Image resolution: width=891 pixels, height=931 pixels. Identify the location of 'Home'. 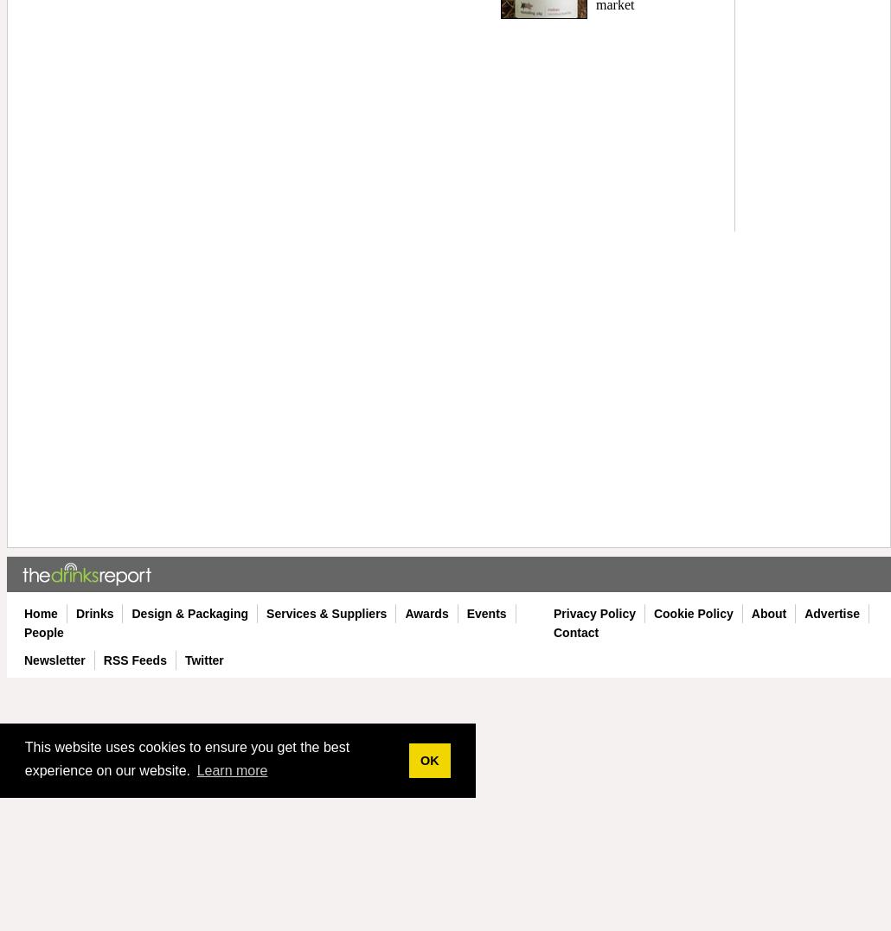
(24, 613).